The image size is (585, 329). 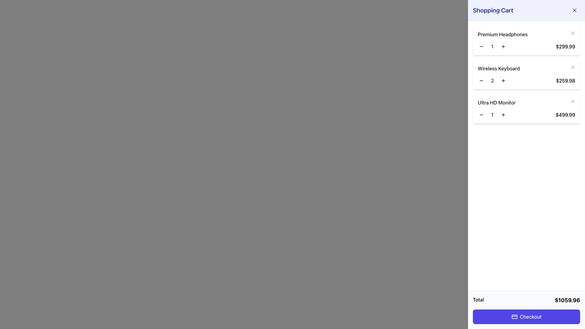 What do you see at coordinates (526, 317) in the screenshot?
I see `the checkout button located at the bottom center of the summary panel to proceed to checkout` at bounding box center [526, 317].